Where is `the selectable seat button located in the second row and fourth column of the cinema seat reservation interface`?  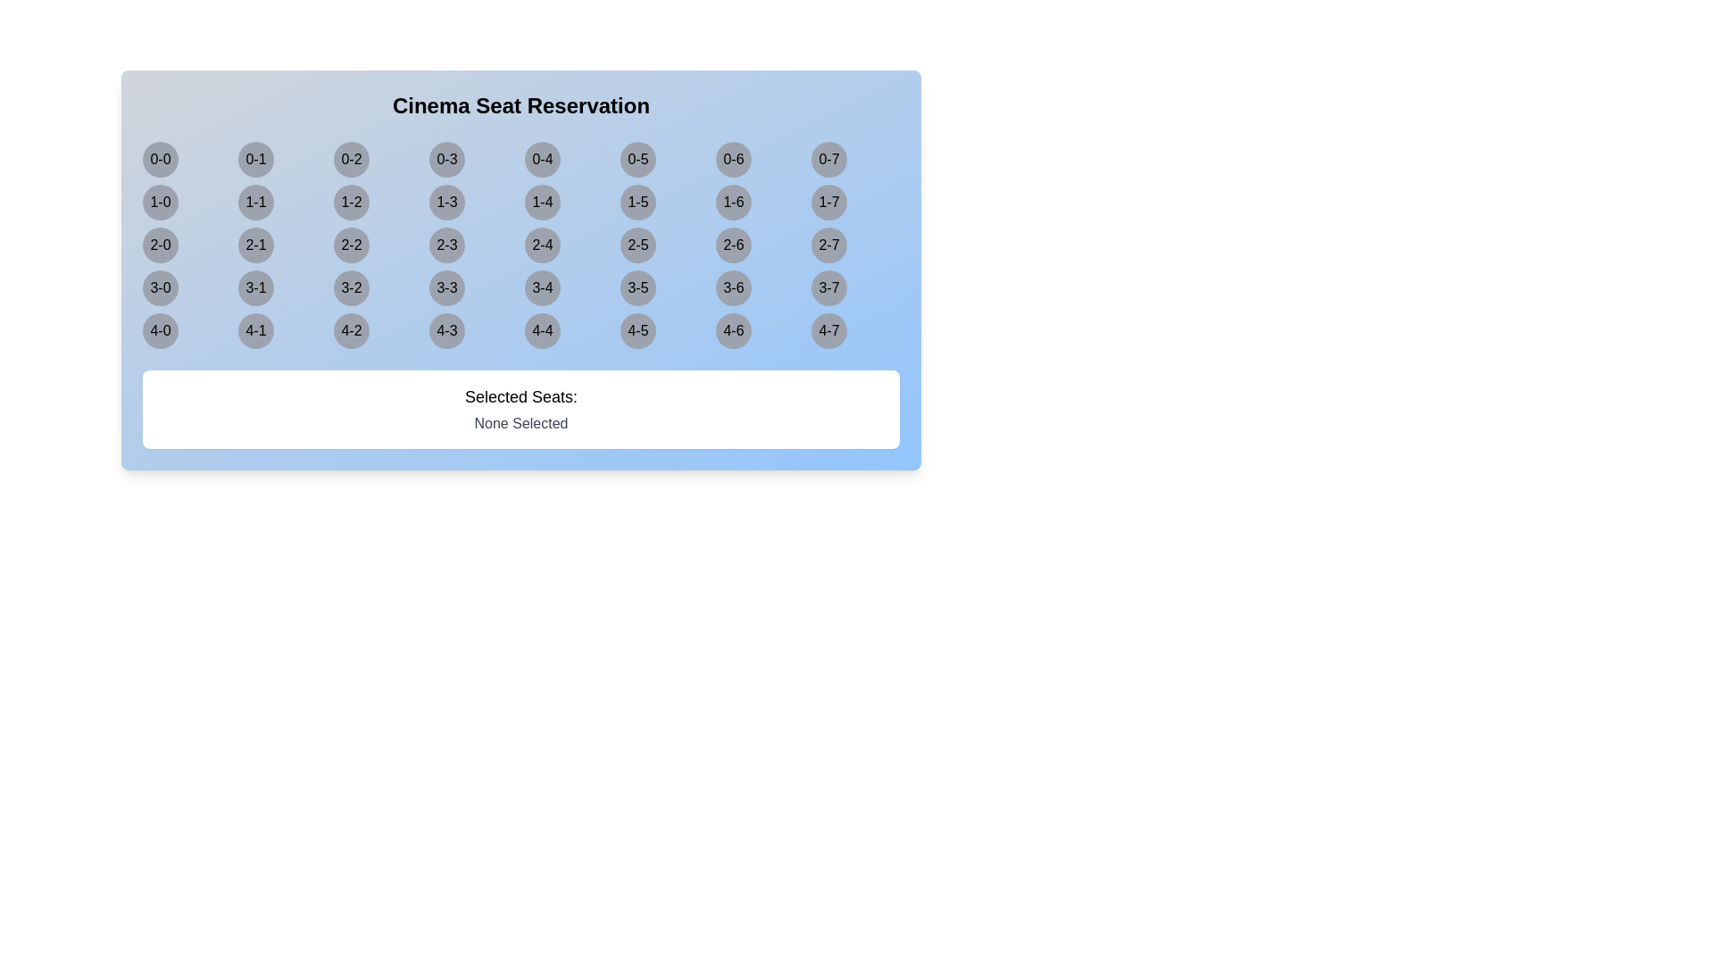 the selectable seat button located in the second row and fourth column of the cinema seat reservation interface is located at coordinates (446, 202).